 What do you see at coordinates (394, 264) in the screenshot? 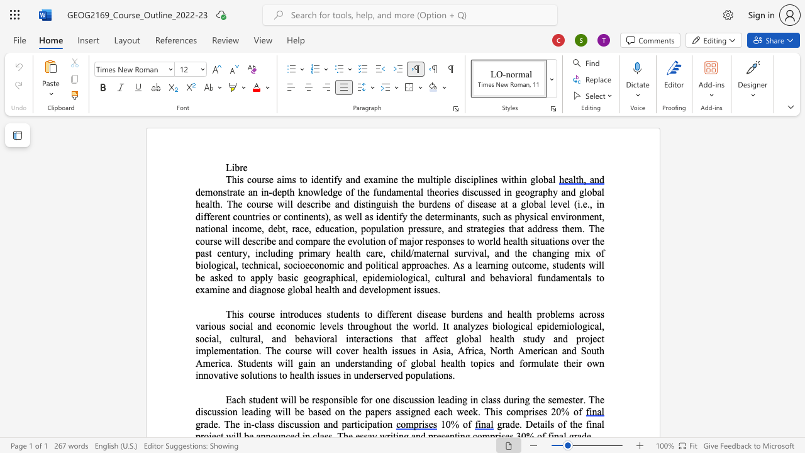
I see `the space between the continuous character "a" and "l" in the text` at bounding box center [394, 264].